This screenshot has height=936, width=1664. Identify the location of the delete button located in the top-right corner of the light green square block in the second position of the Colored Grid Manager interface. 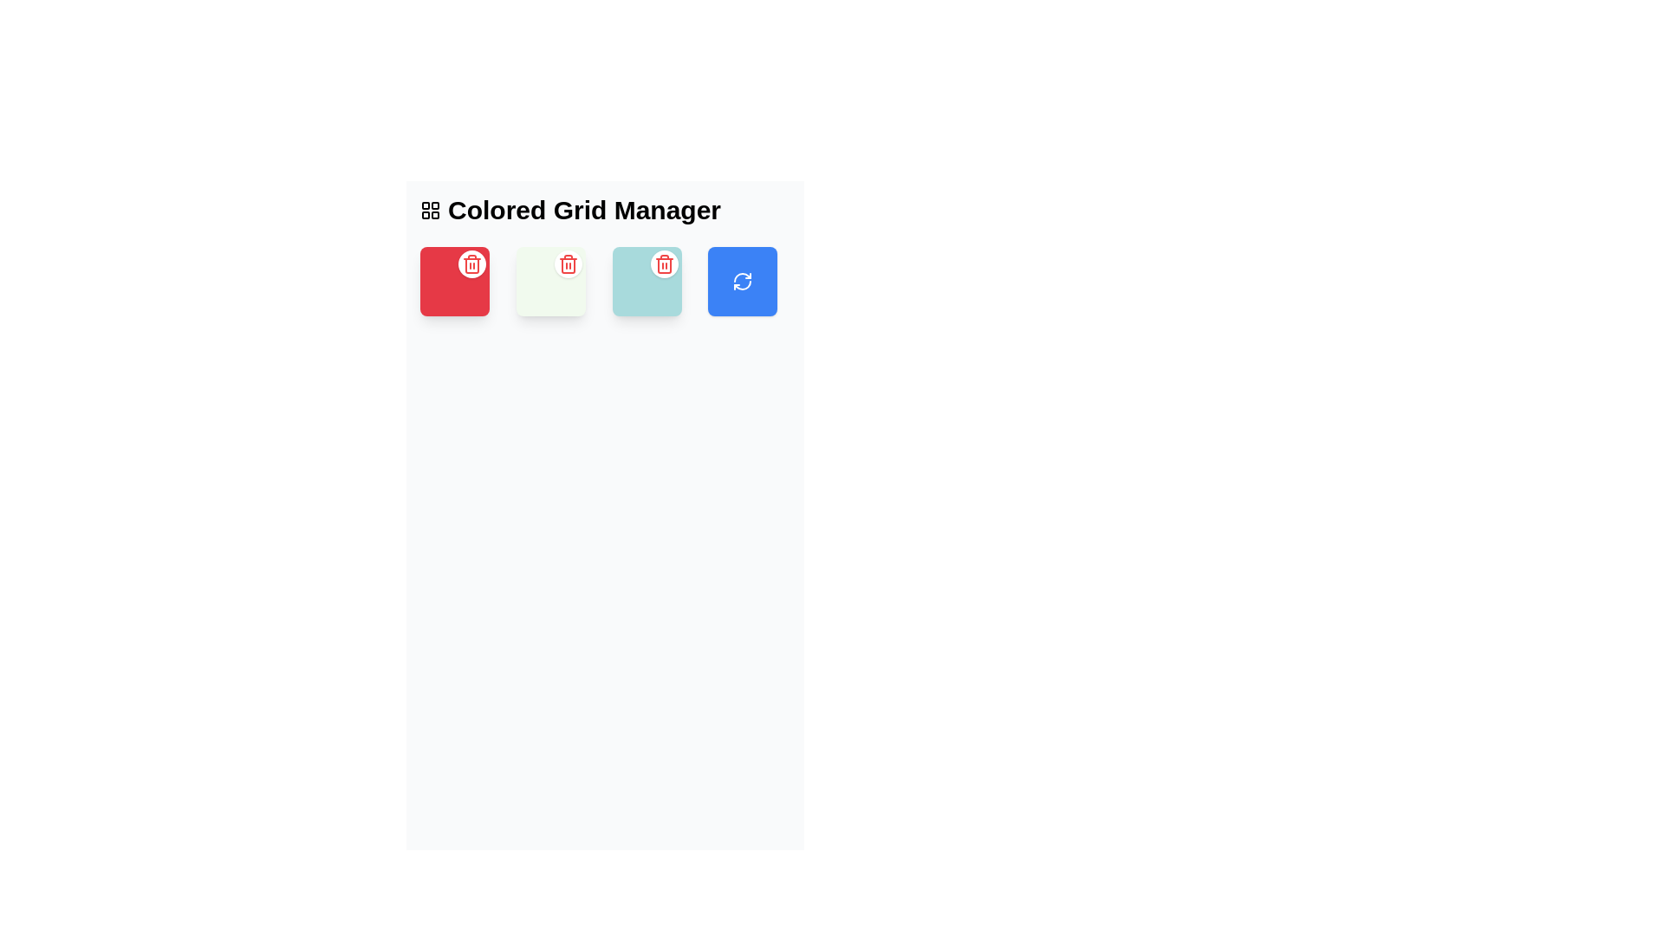
(568, 263).